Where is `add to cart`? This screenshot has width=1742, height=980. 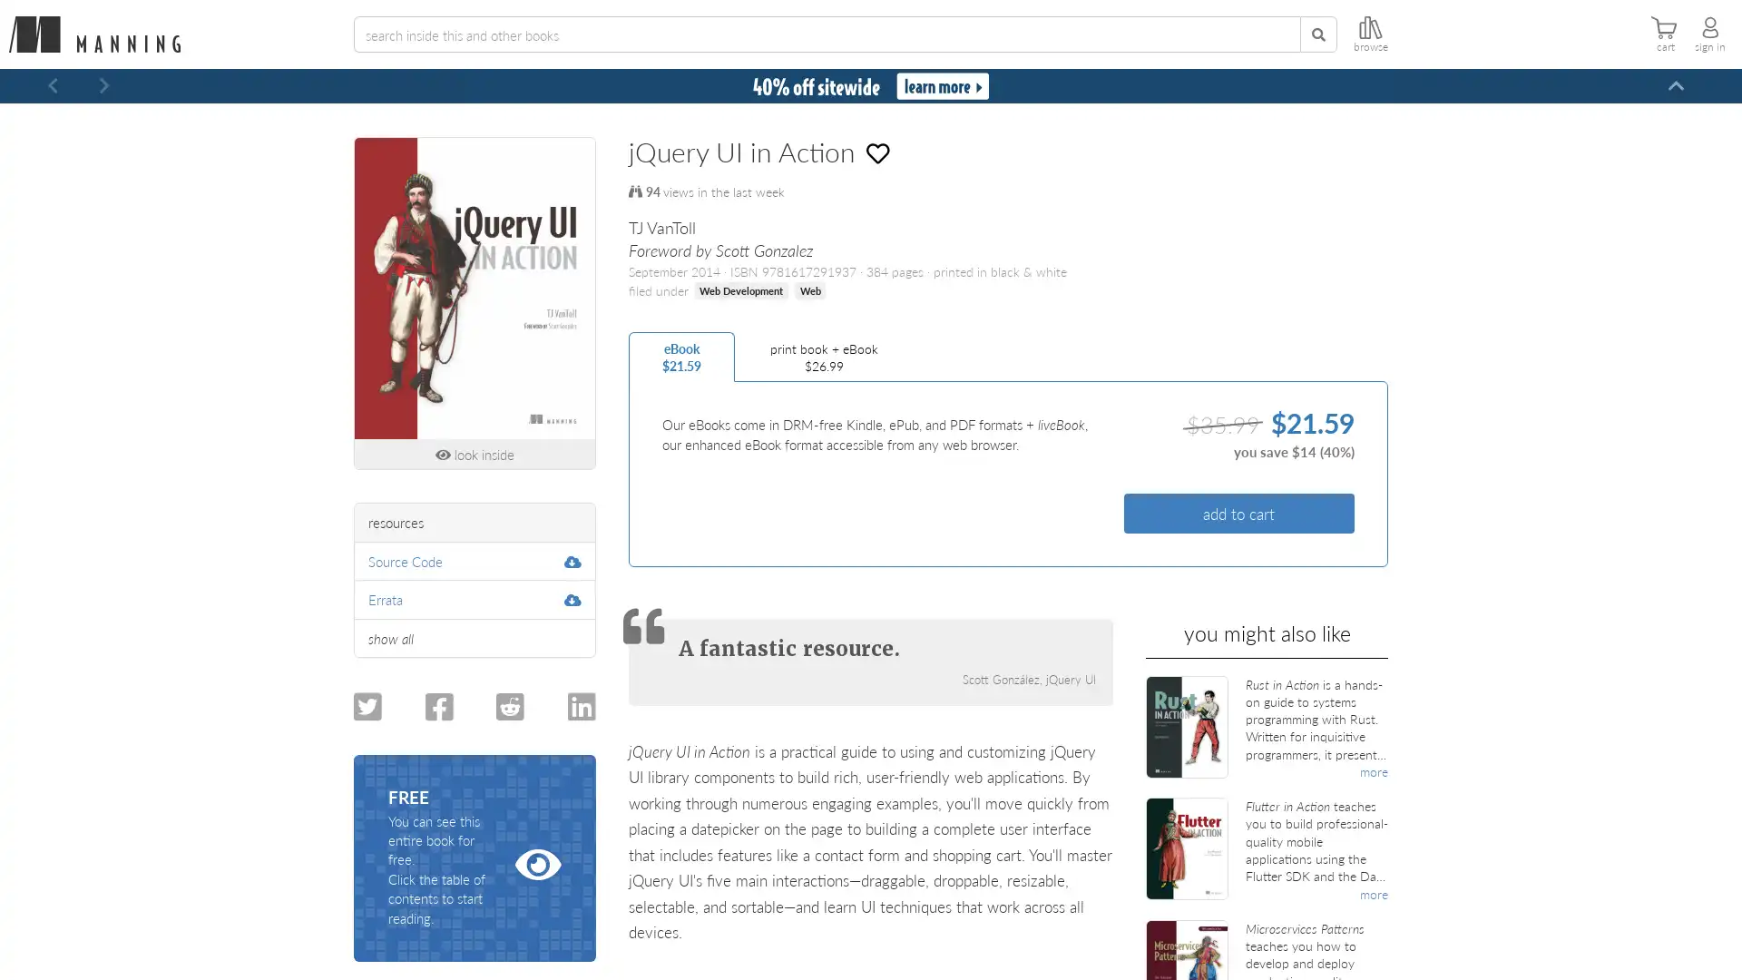
add to cart is located at coordinates (1238, 513).